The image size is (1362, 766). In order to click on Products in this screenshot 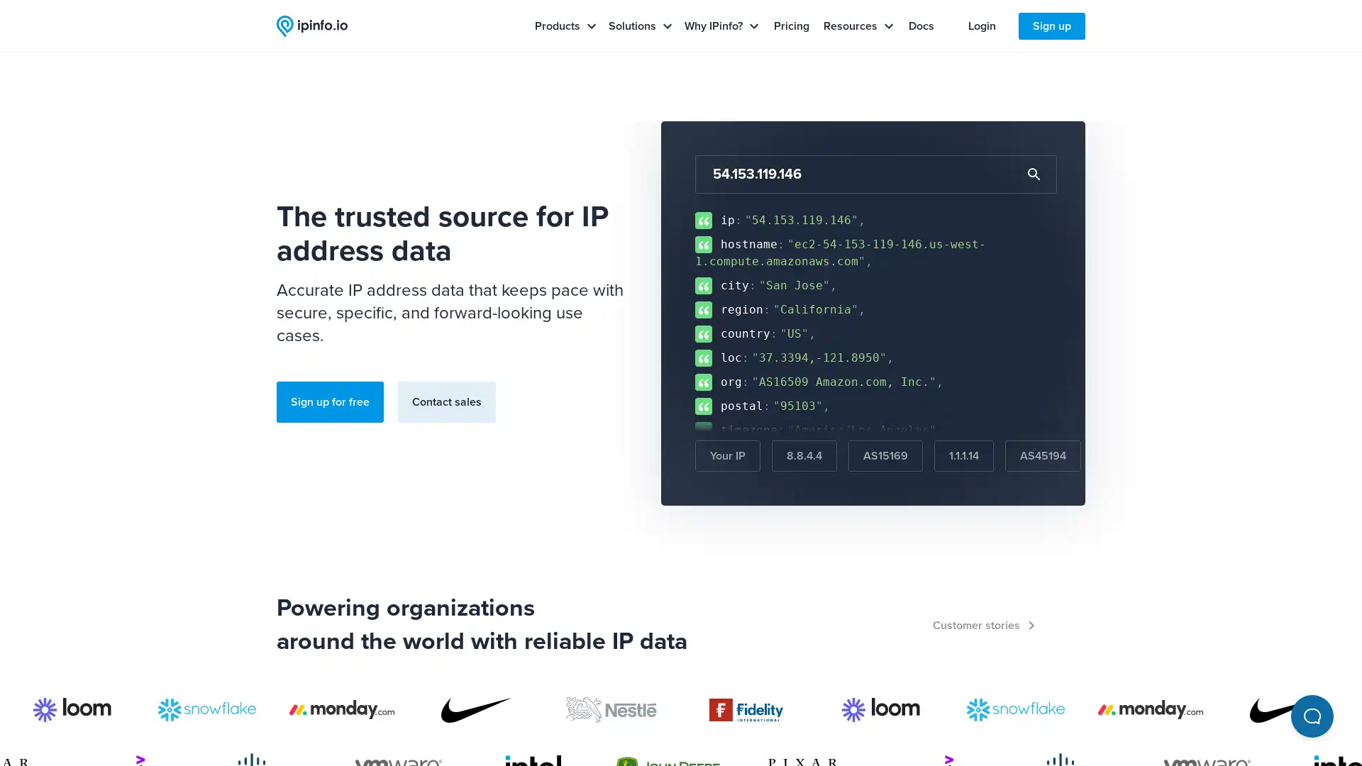, I will do `click(565, 26)`.